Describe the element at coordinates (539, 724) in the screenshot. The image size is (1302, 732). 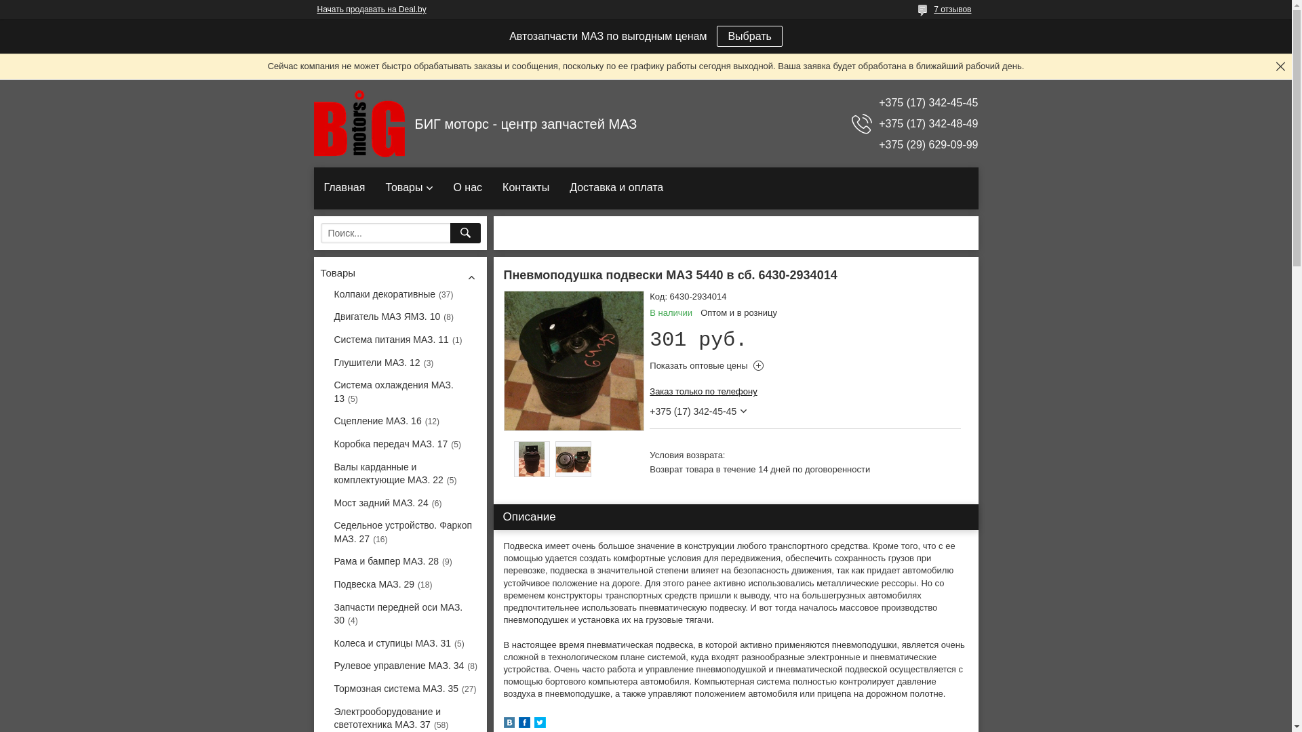
I see `'twitter'` at that location.